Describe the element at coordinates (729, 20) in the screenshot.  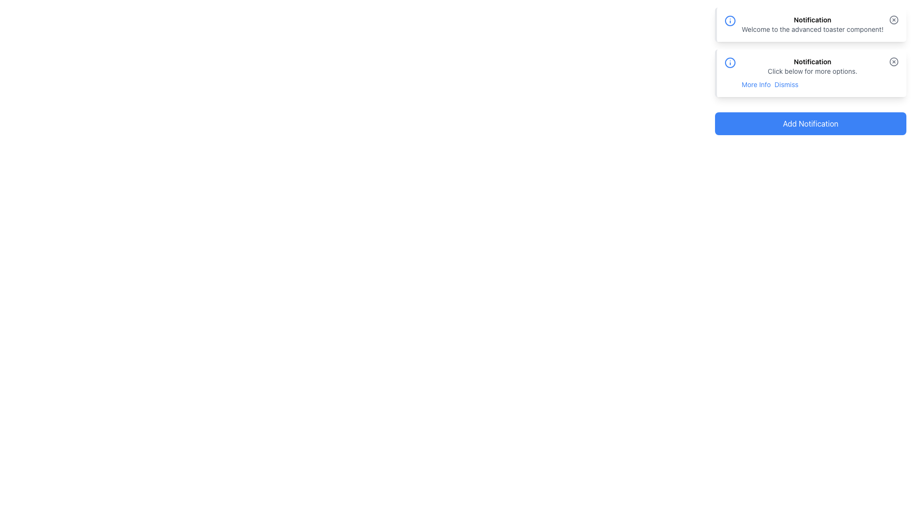
I see `the informational icon located to the left of the title text in the notification that says 'Welcome to the advanced toaster component!'` at that location.